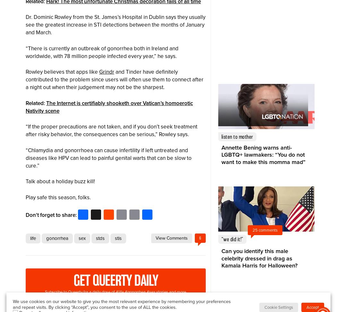 The height and width of the screenshot is (312, 337). Describe the element at coordinates (58, 197) in the screenshot. I see `'Play safe this season, folks.'` at that location.